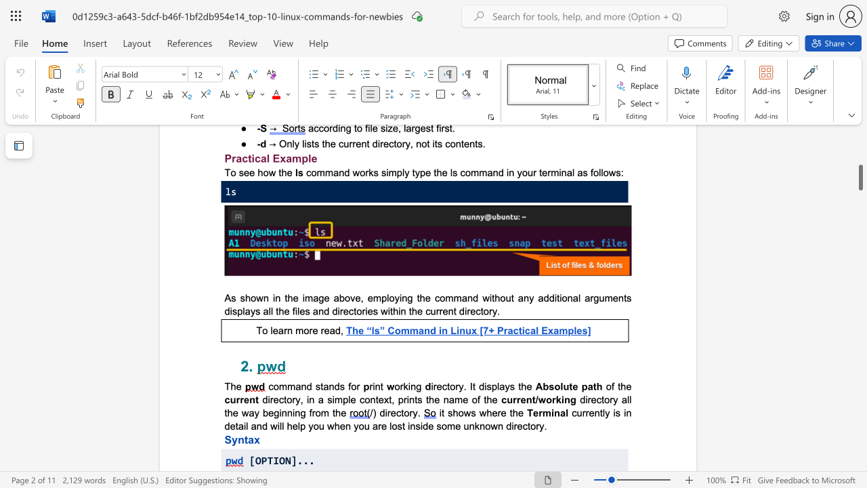  I want to click on the 3th character "r" in the text, so click(322, 330).